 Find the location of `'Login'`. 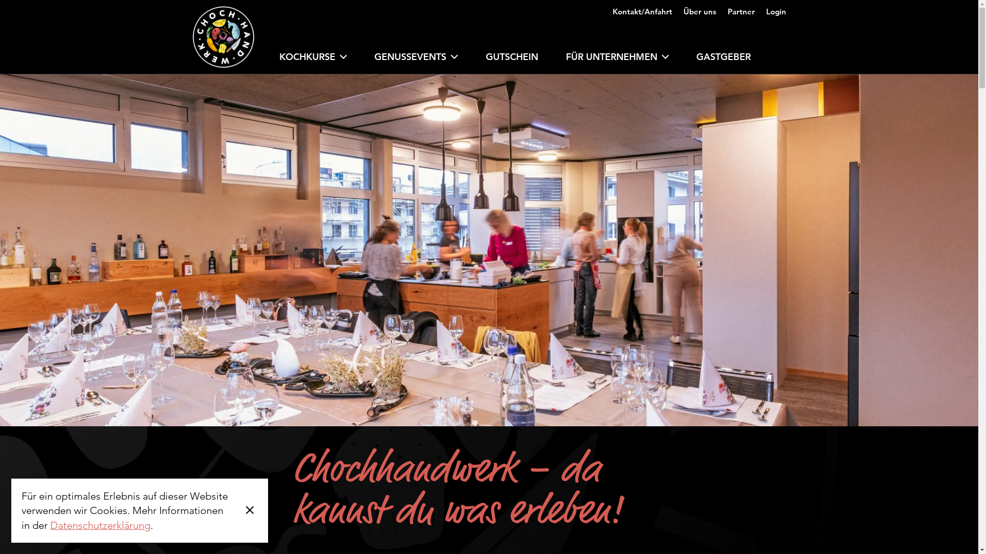

'Login' is located at coordinates (776, 8).